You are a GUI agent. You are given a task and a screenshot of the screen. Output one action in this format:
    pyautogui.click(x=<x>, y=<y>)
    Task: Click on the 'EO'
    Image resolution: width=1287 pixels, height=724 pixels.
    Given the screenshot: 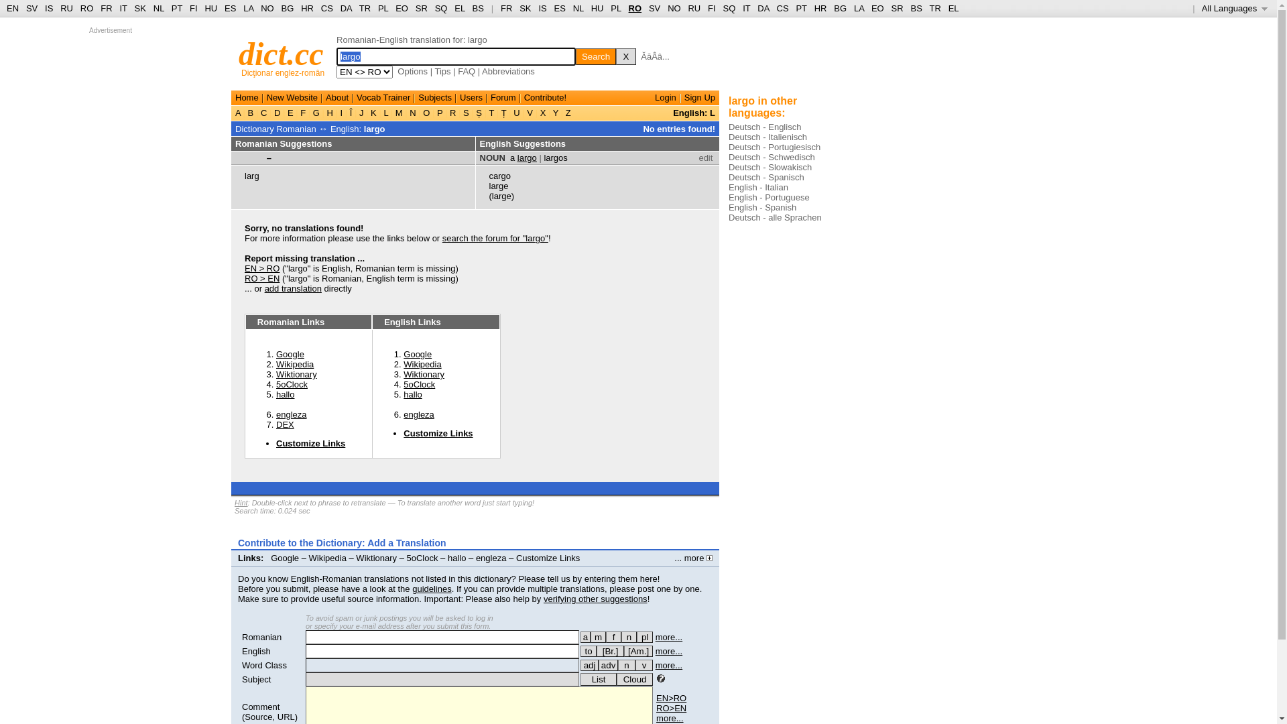 What is the action you would take?
    pyautogui.click(x=401, y=8)
    